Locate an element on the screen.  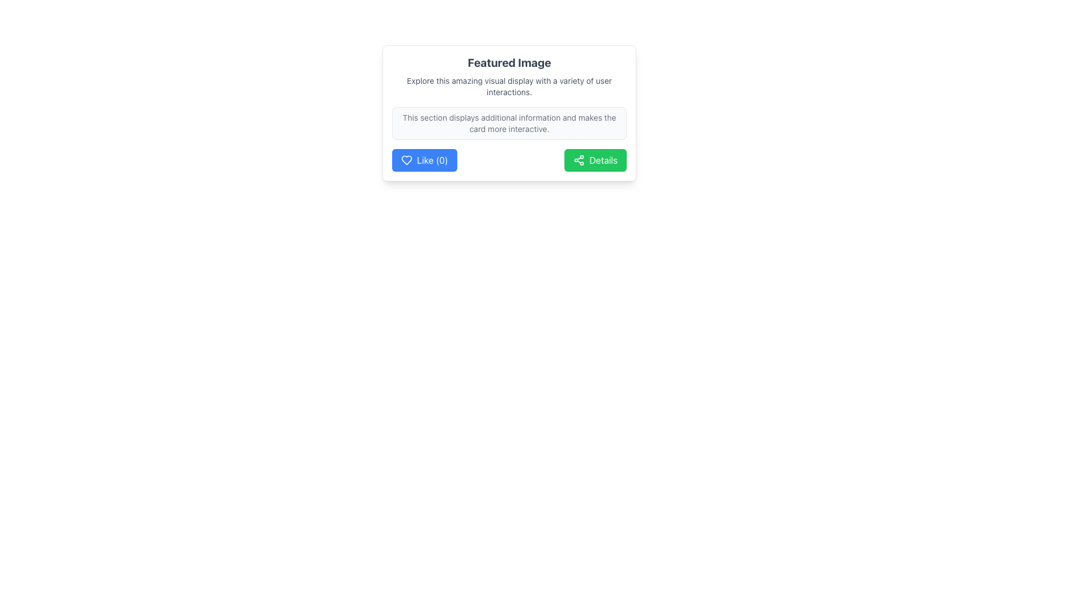
the heart-shaped icon inside the 'Like (0)' button, which is outlined in blue and located on the left side of the card at the bottom is located at coordinates (407, 160).